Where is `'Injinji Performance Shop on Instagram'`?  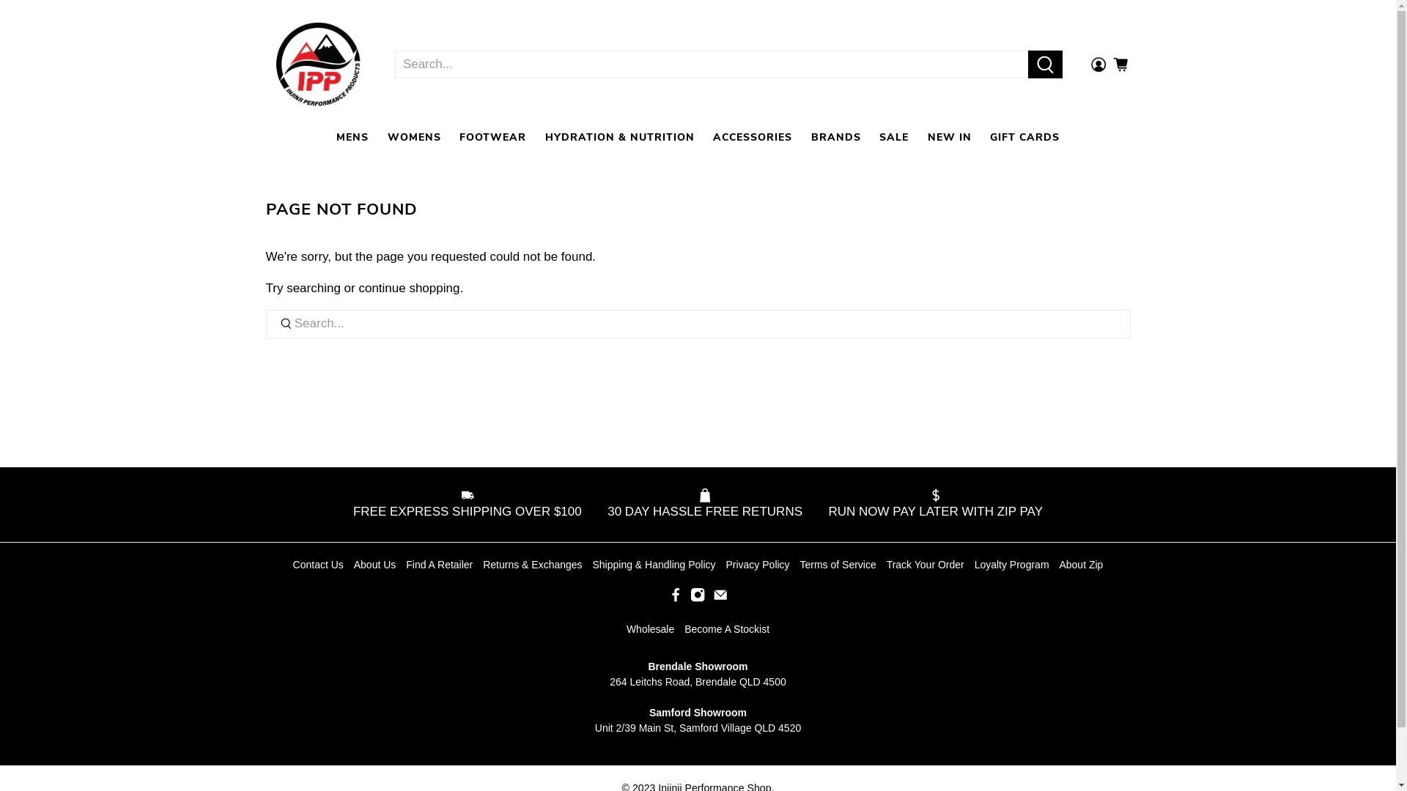
'Injinji Performance Shop on Instagram' is located at coordinates (696, 598).